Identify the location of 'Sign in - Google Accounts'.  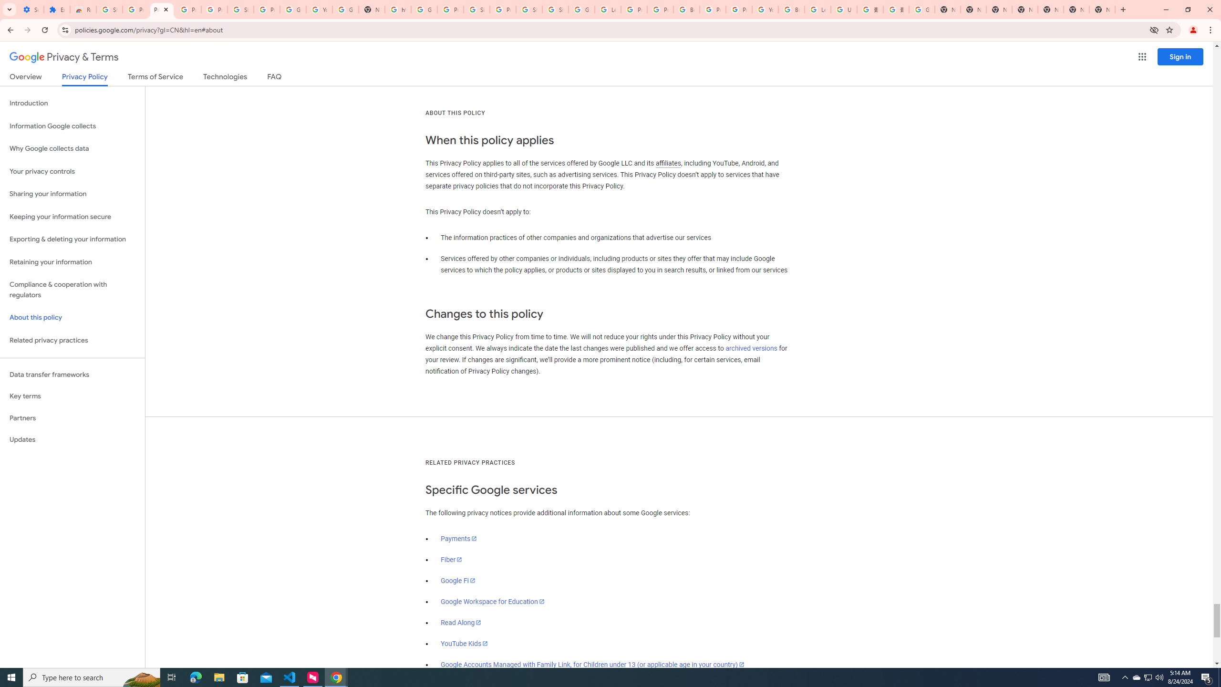
(528, 9).